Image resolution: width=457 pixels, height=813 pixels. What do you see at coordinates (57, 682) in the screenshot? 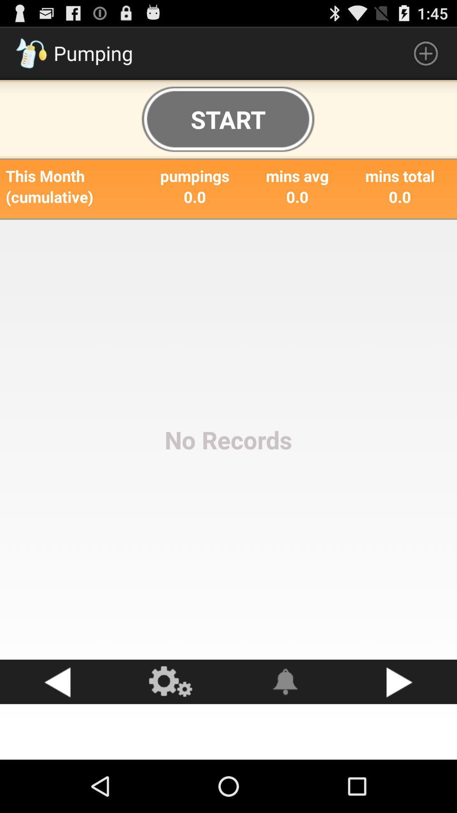
I see `go back` at bounding box center [57, 682].